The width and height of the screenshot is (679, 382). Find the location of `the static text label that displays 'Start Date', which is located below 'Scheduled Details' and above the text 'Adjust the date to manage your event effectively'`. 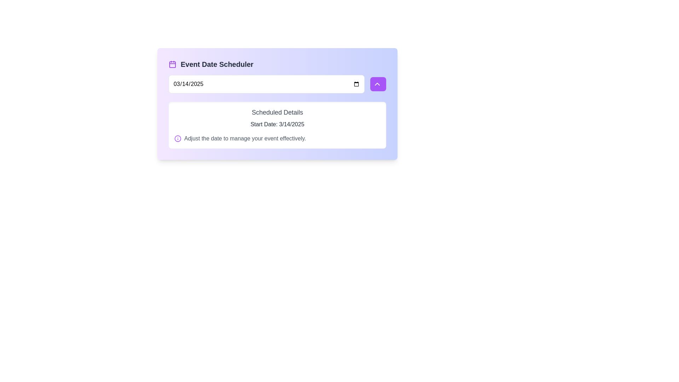

the static text label that displays 'Start Date', which is located below 'Scheduled Details' and above the text 'Adjust the date to manage your event effectively' is located at coordinates (277, 124).